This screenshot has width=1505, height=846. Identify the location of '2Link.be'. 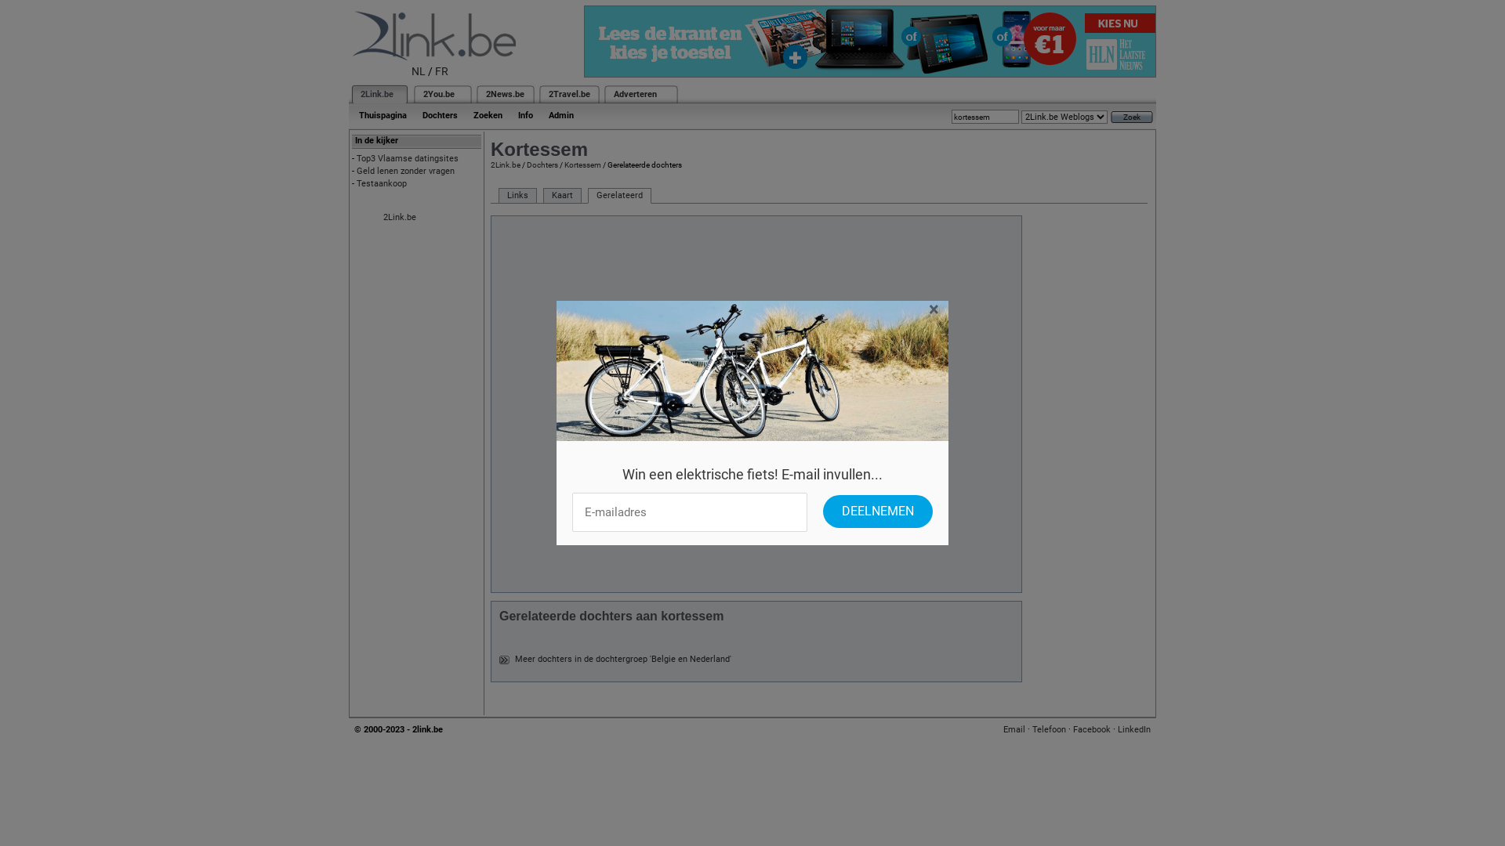
(376, 94).